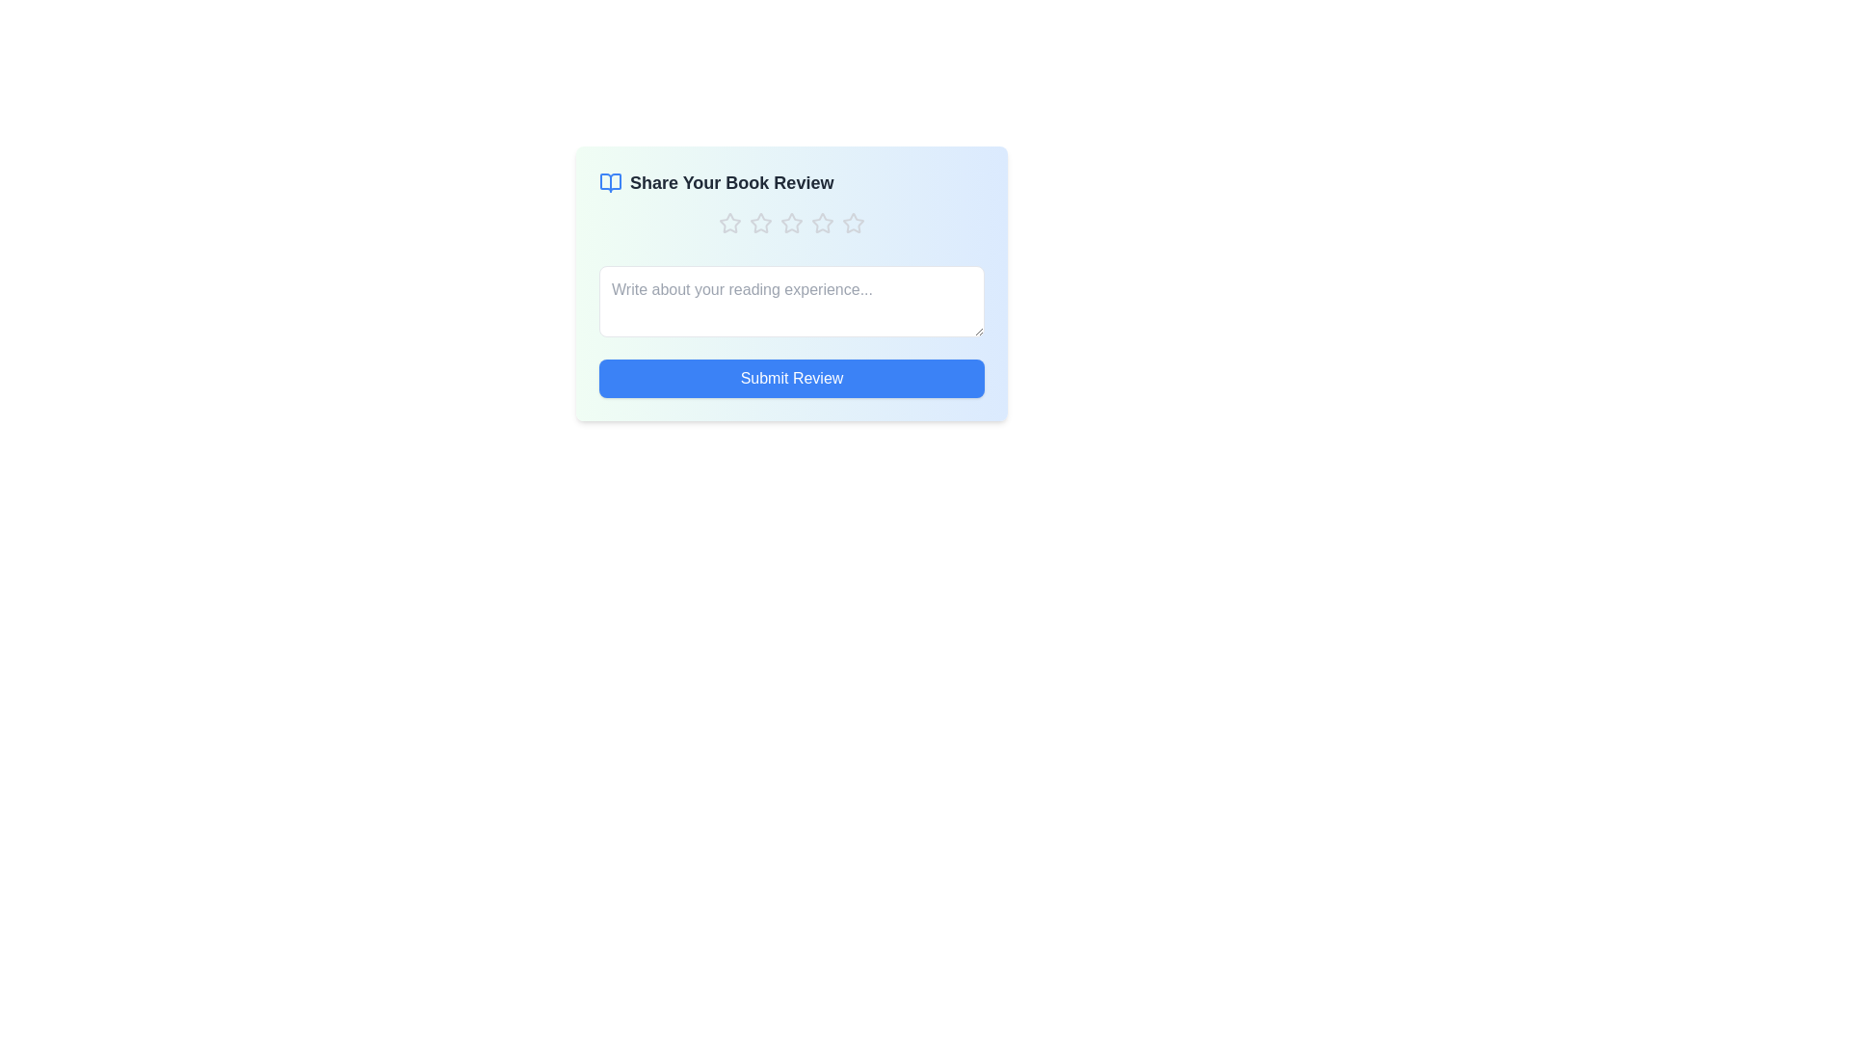 Image resolution: width=1850 pixels, height=1041 pixels. Describe the element at coordinates (791, 301) in the screenshot. I see `the text area to focus on it` at that location.